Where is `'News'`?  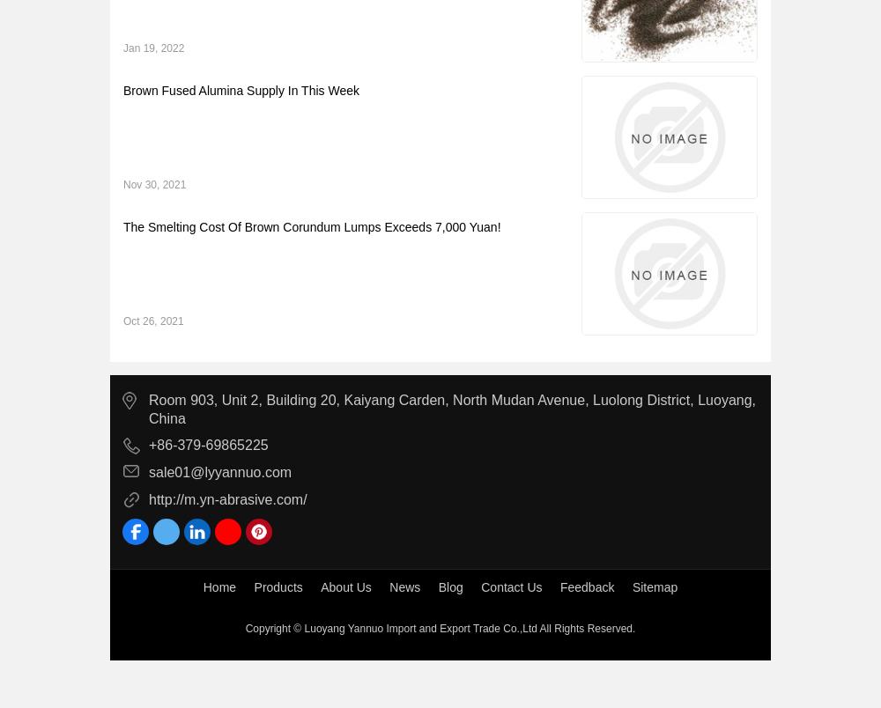 'News' is located at coordinates (389, 586).